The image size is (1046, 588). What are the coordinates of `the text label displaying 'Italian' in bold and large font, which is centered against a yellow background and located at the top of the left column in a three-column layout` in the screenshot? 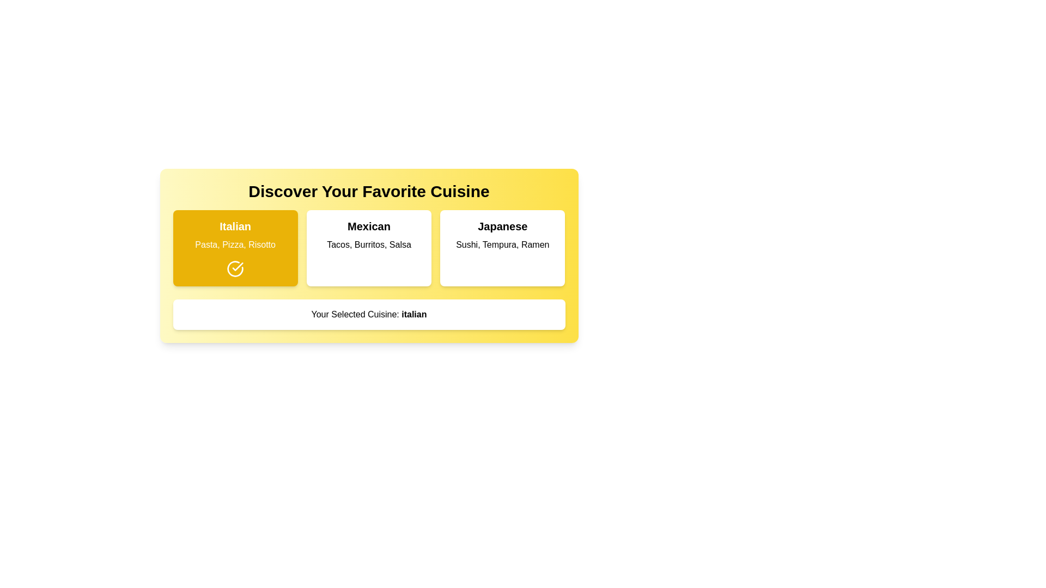 It's located at (235, 226).